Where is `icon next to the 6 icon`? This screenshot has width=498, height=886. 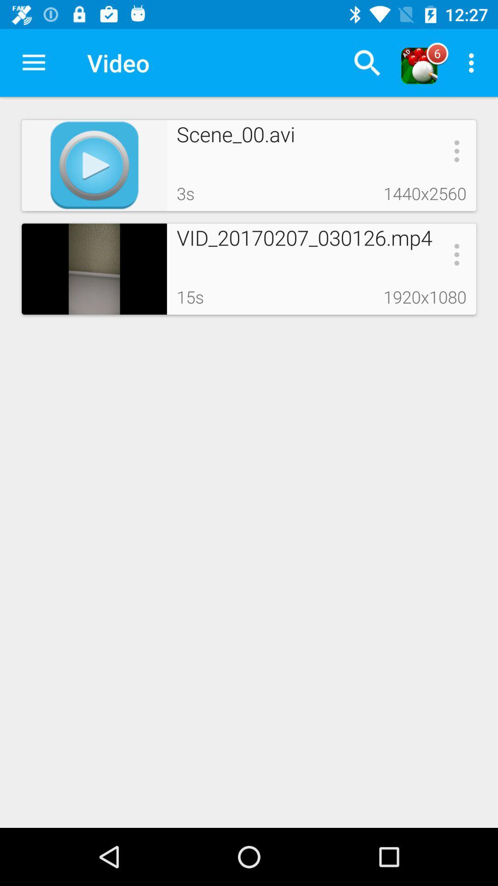 icon next to the 6 icon is located at coordinates (474, 62).